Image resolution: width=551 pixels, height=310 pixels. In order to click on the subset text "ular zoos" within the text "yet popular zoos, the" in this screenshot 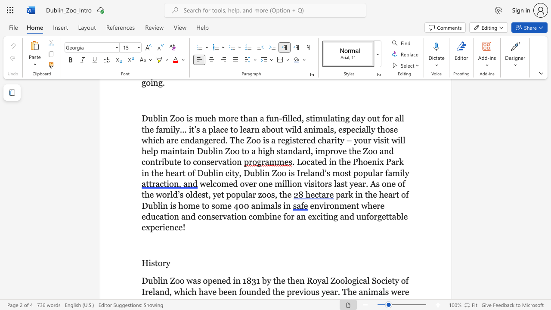, I will do `click(241, 195)`.